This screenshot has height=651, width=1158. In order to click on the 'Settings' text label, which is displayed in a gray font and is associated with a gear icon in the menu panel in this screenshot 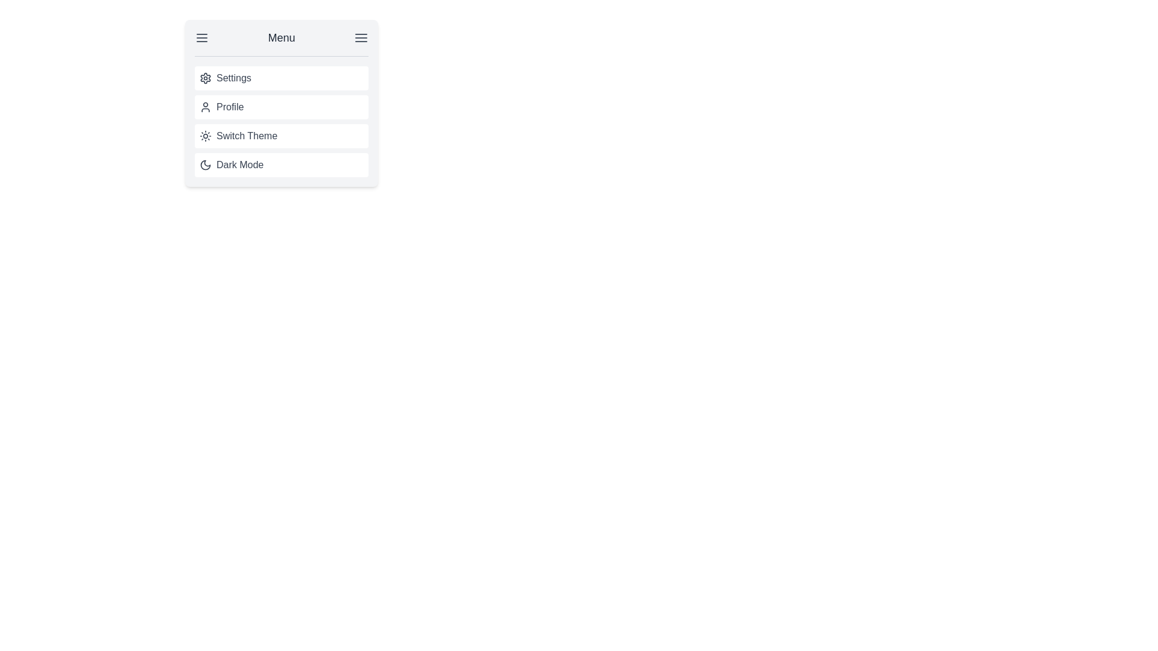, I will do `click(233, 78)`.